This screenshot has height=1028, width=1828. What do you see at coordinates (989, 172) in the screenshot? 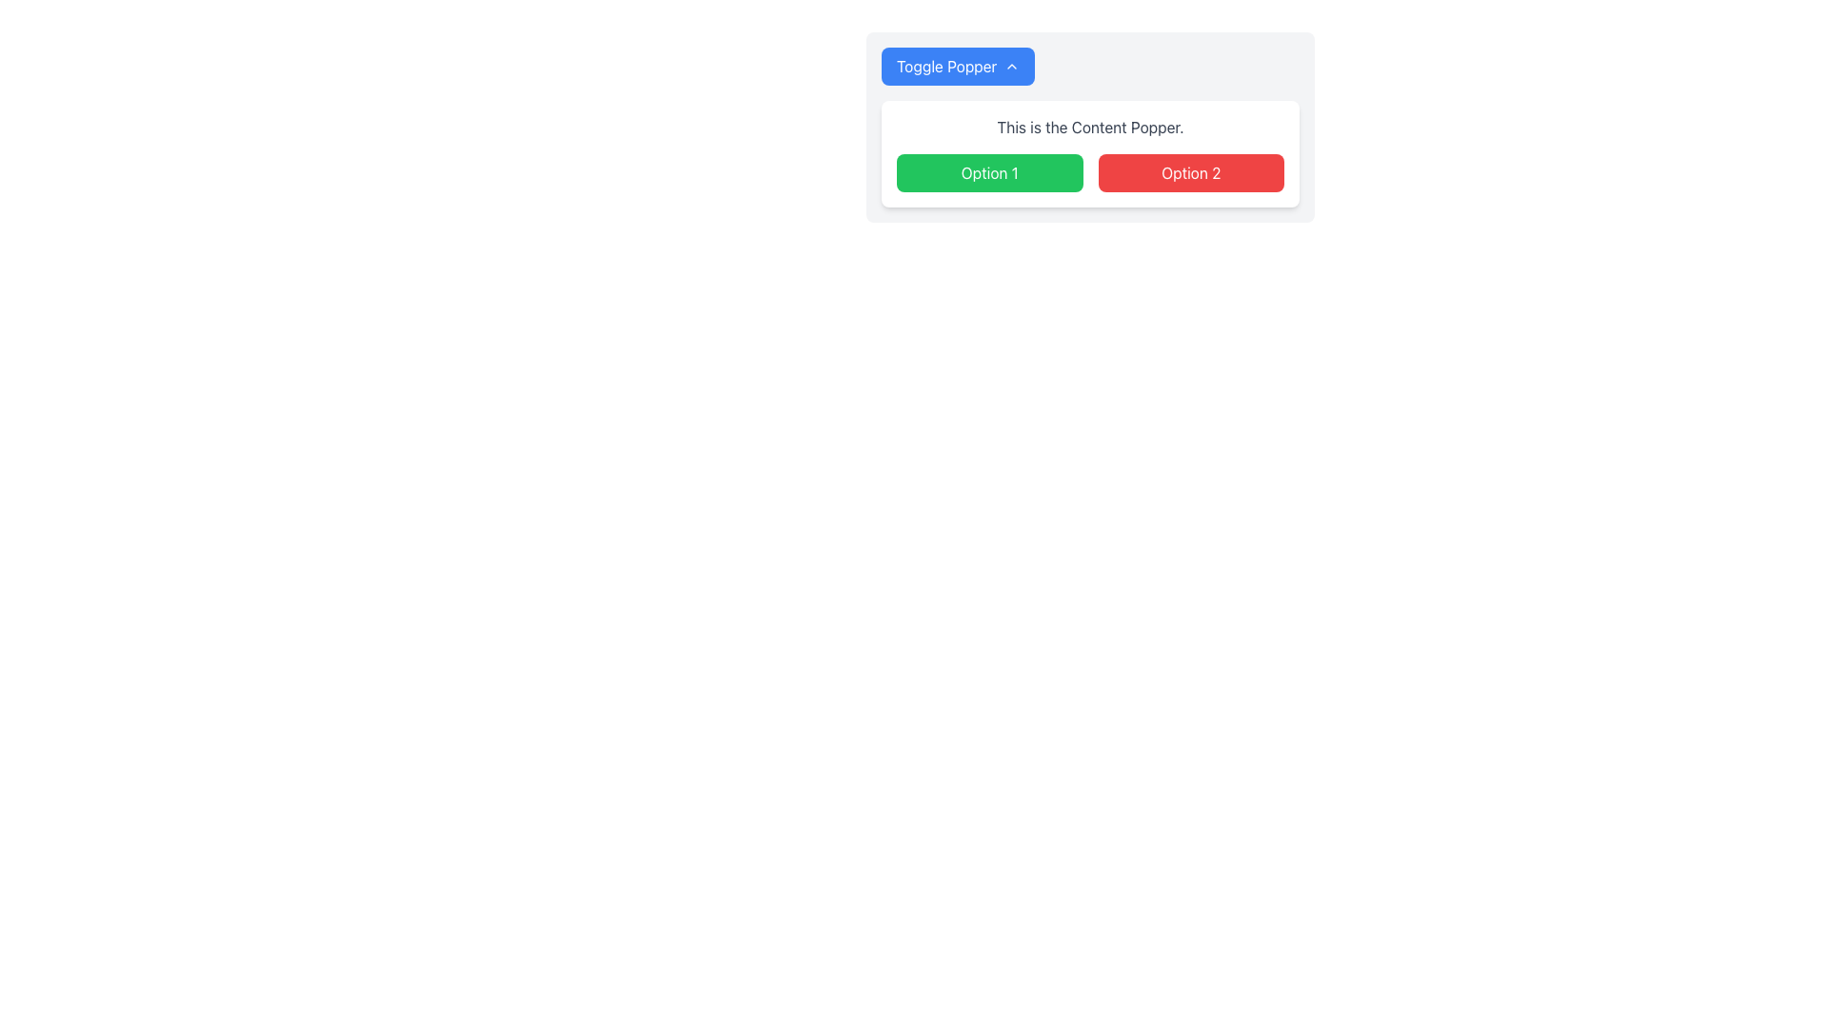
I see `the first button that selects 'Option 1' to change its appearance` at bounding box center [989, 172].